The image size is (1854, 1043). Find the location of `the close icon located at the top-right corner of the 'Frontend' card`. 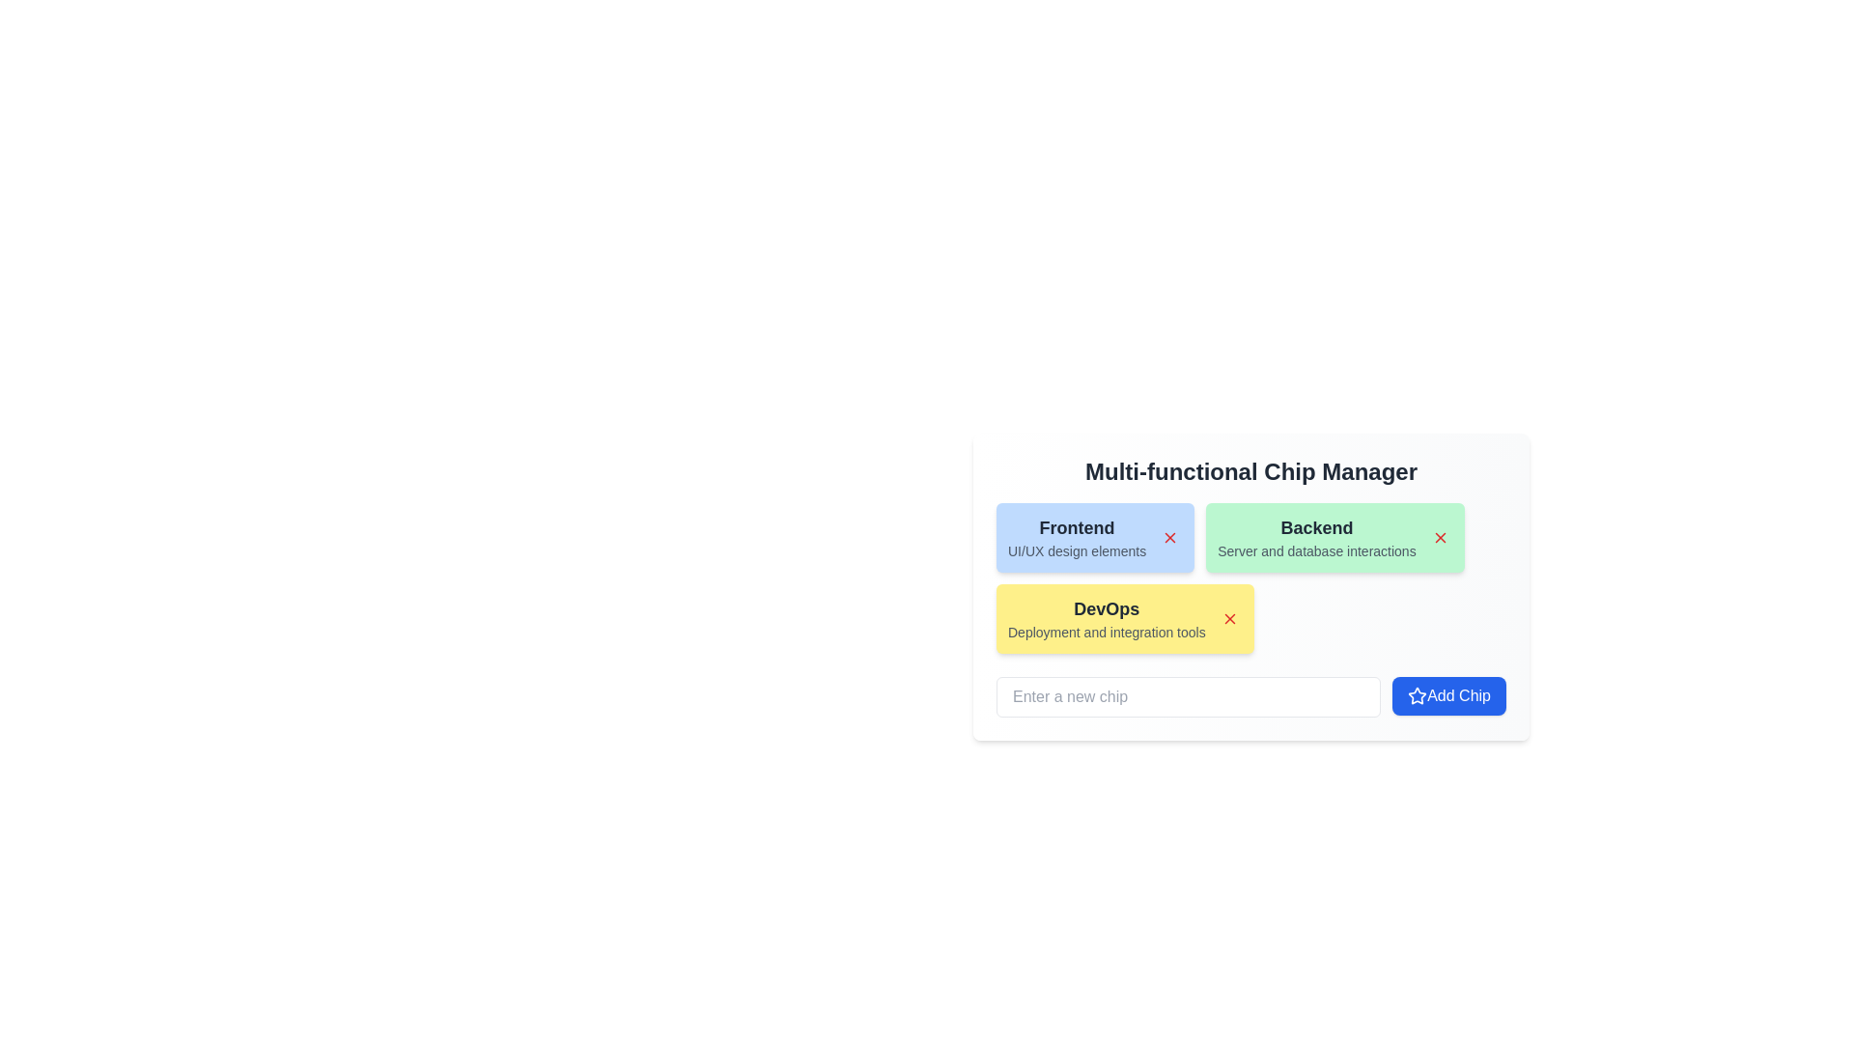

the close icon located at the top-right corner of the 'Frontend' card is located at coordinates (1169, 537).